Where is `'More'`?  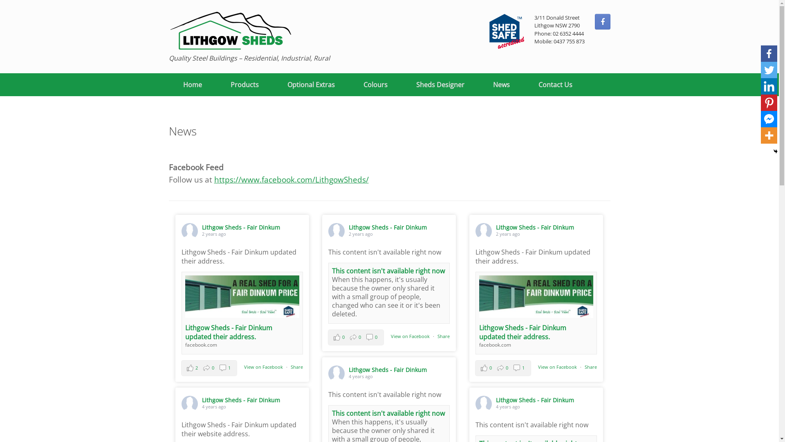 'More' is located at coordinates (769, 135).